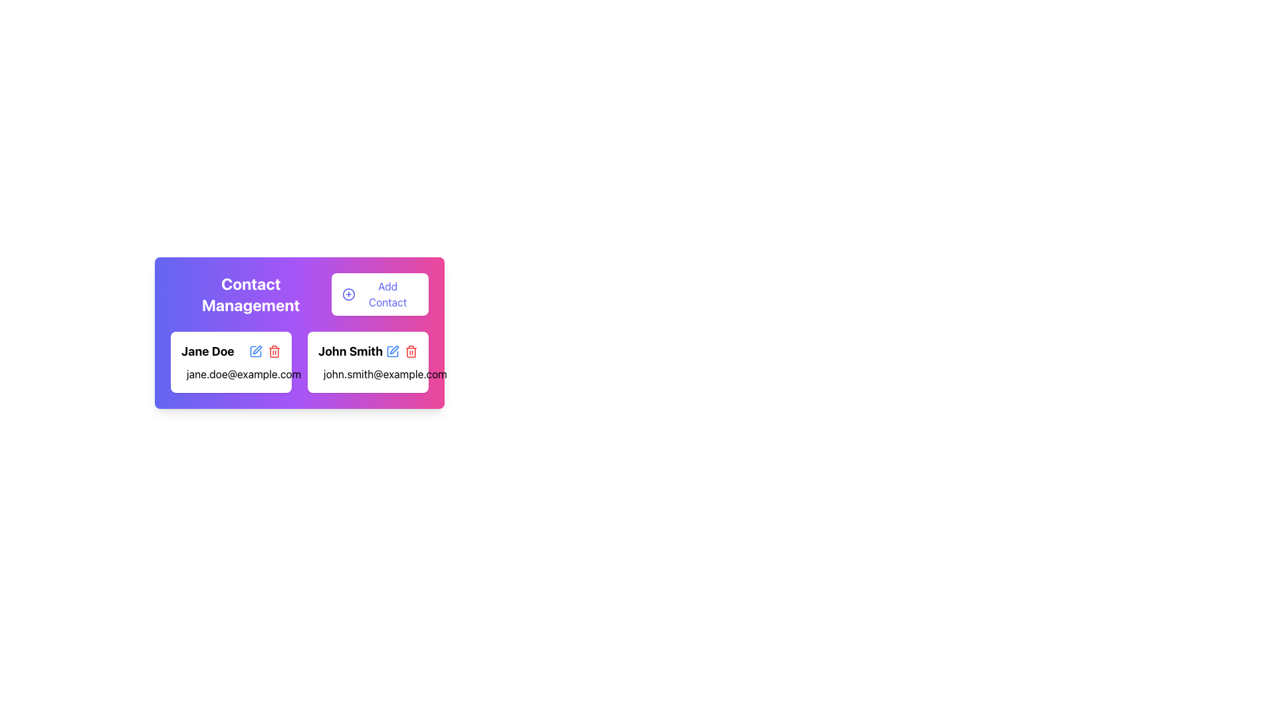 The image size is (1276, 718). I want to click on the button that allows the user to initiate editing of the contact details for 'John Smith', which is located to the right of the name and is the leftmost among the blue and red icons, so click(391, 350).